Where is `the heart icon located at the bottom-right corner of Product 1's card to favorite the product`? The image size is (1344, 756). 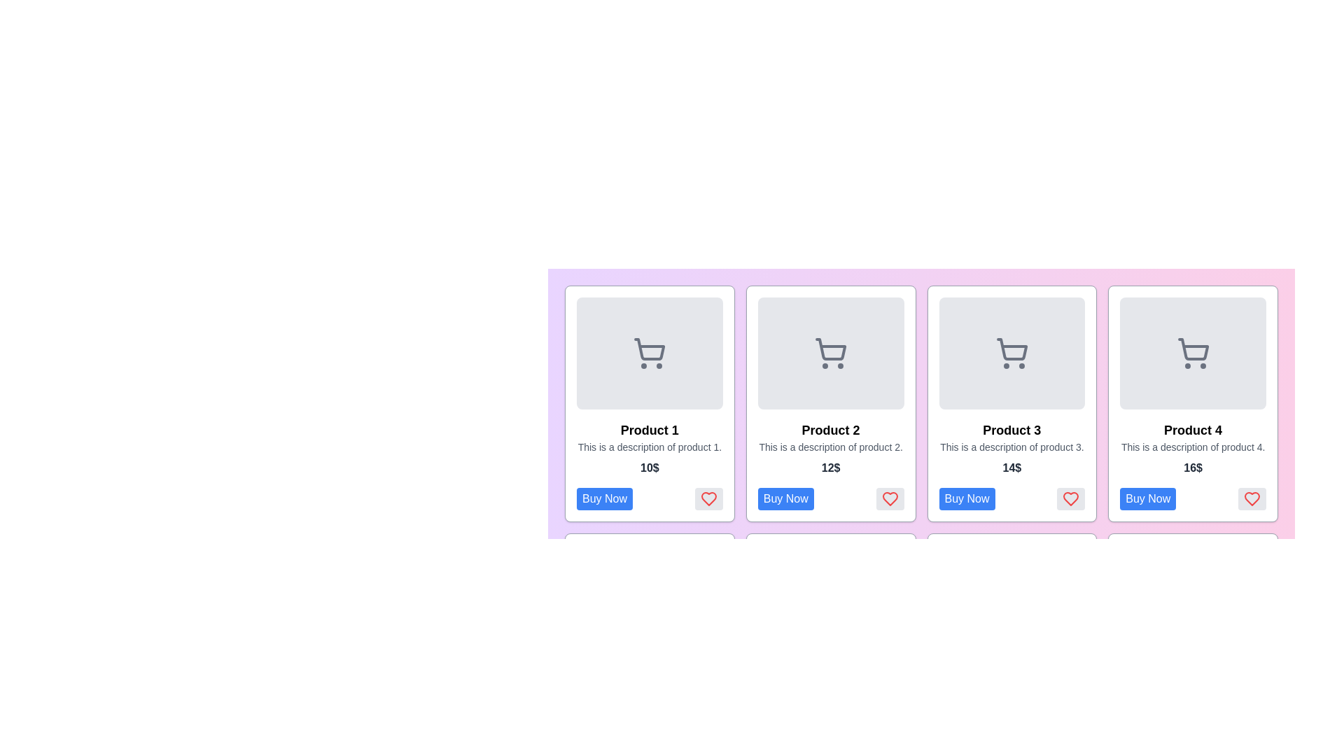 the heart icon located at the bottom-right corner of Product 1's card to favorite the product is located at coordinates (708, 498).